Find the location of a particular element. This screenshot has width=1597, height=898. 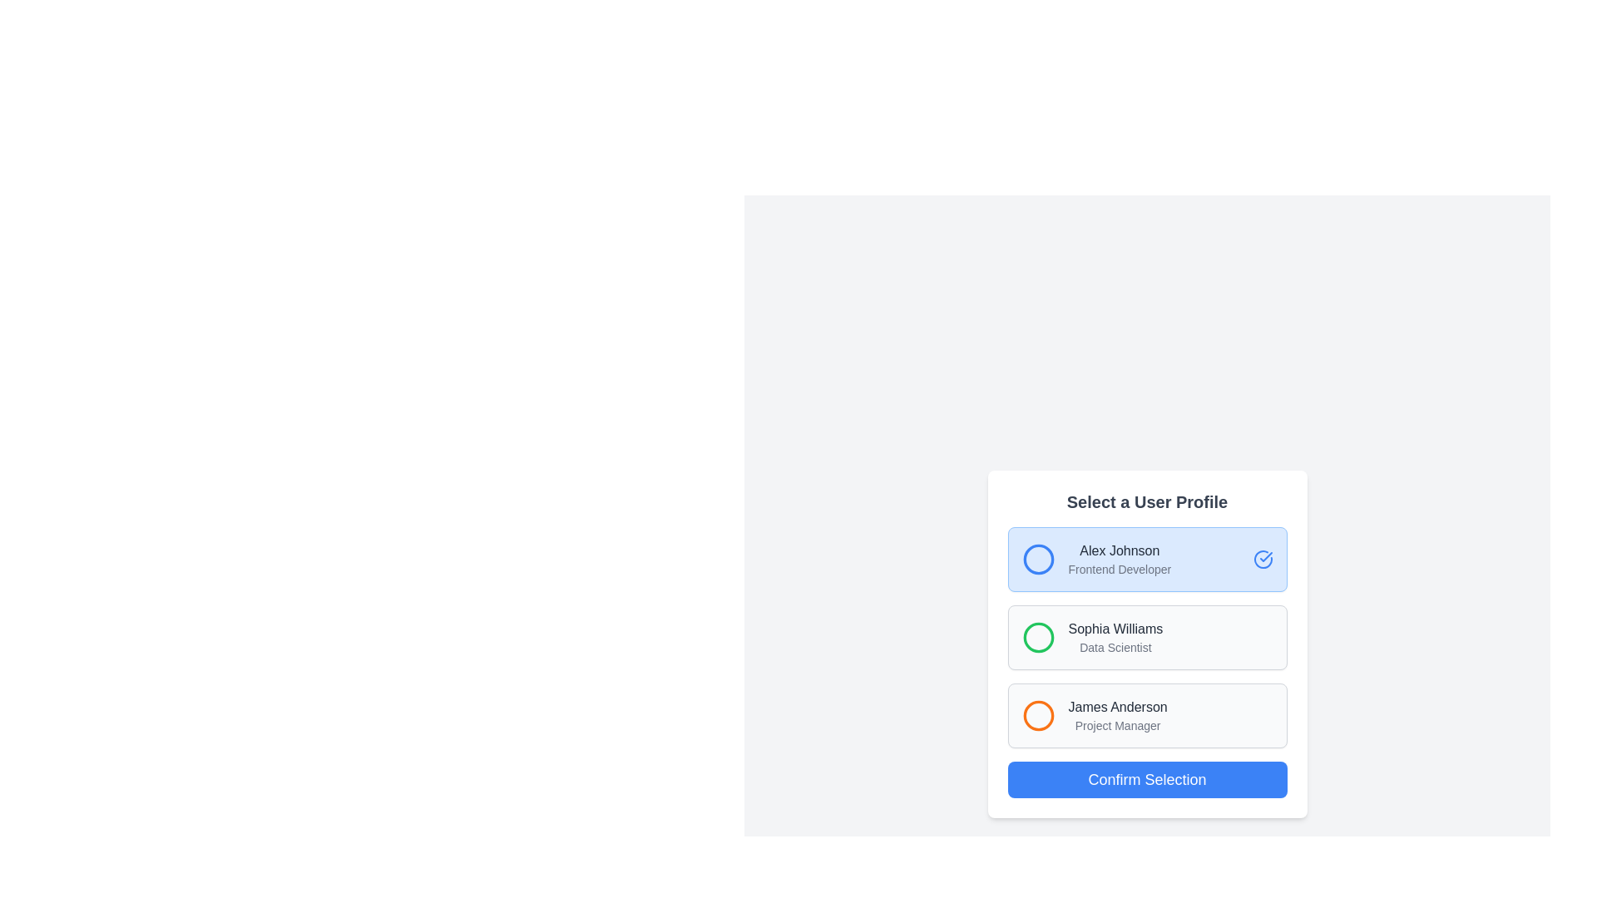

the user profile listing entry for 'Alex Johnson', which includes the name and title 'Frontend Developer' next to a blue circular icon is located at coordinates (1096, 559).